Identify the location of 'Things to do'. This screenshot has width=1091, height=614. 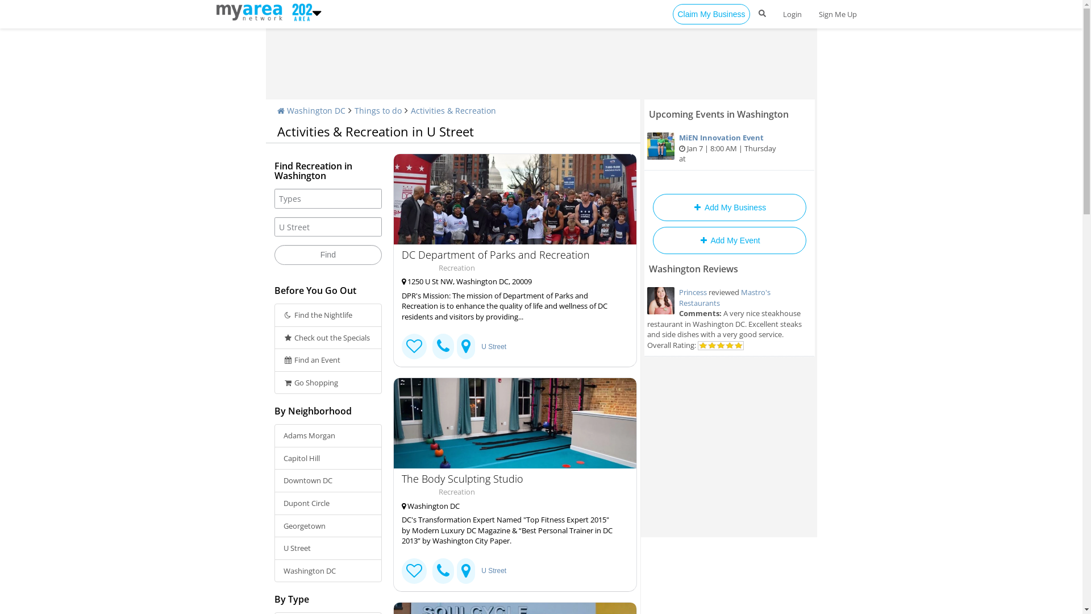
(378, 110).